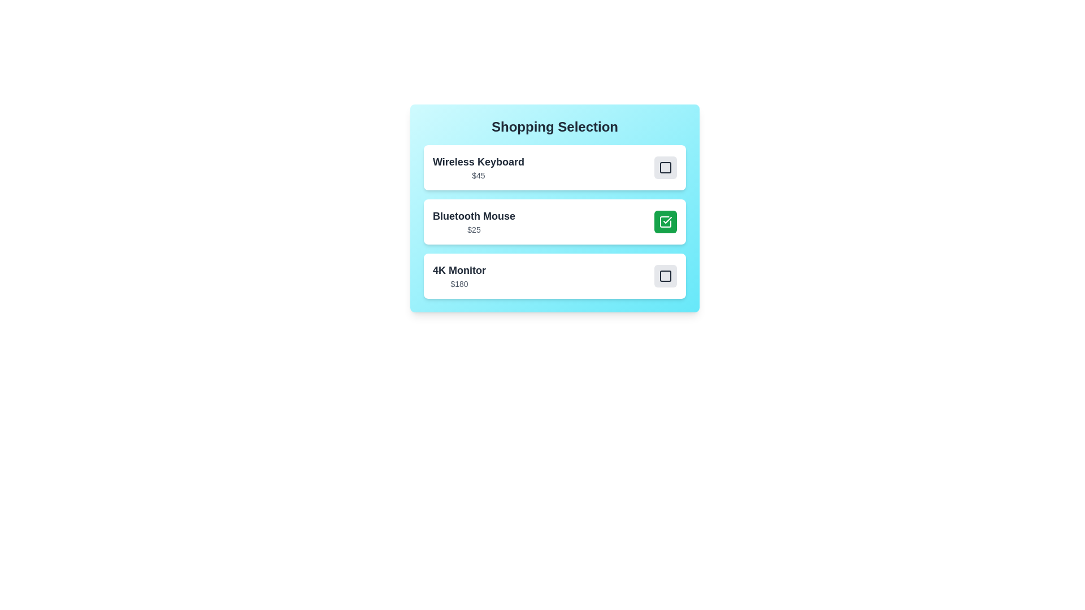 The width and height of the screenshot is (1085, 610). I want to click on the composite element displaying 'Wireless Keyboard' and its price ($45), so click(555, 168).